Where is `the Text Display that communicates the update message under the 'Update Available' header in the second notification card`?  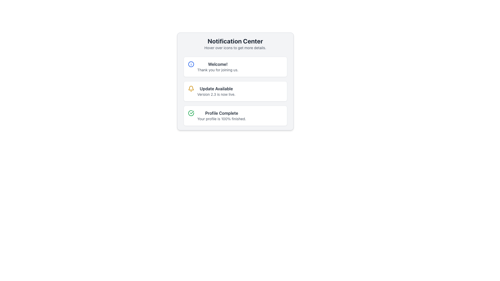
the Text Display that communicates the update message under the 'Update Available' header in the second notification card is located at coordinates (216, 94).